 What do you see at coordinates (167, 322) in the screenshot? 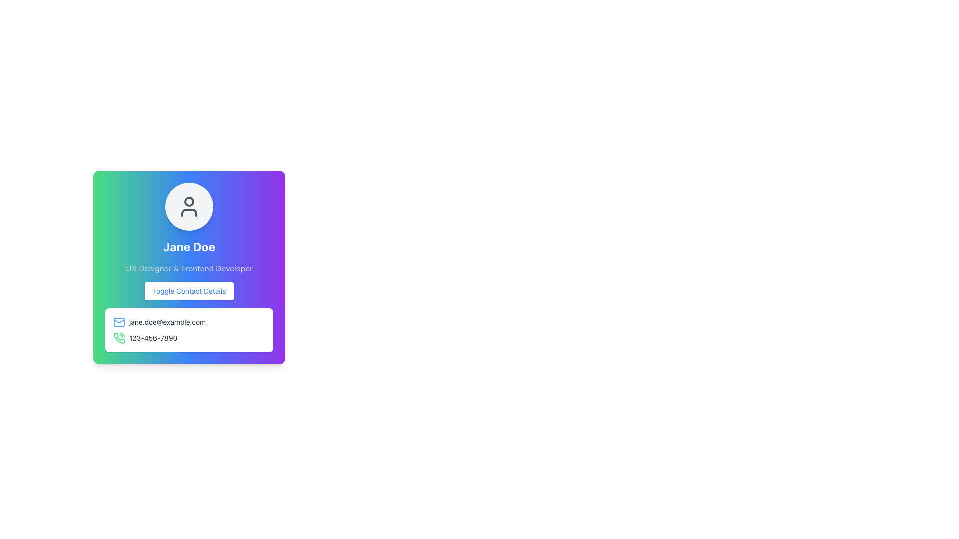
I see `the email address 'jane.doe@example.com' displayed in dark gray color beneath the name 'Jane Doe'` at bounding box center [167, 322].